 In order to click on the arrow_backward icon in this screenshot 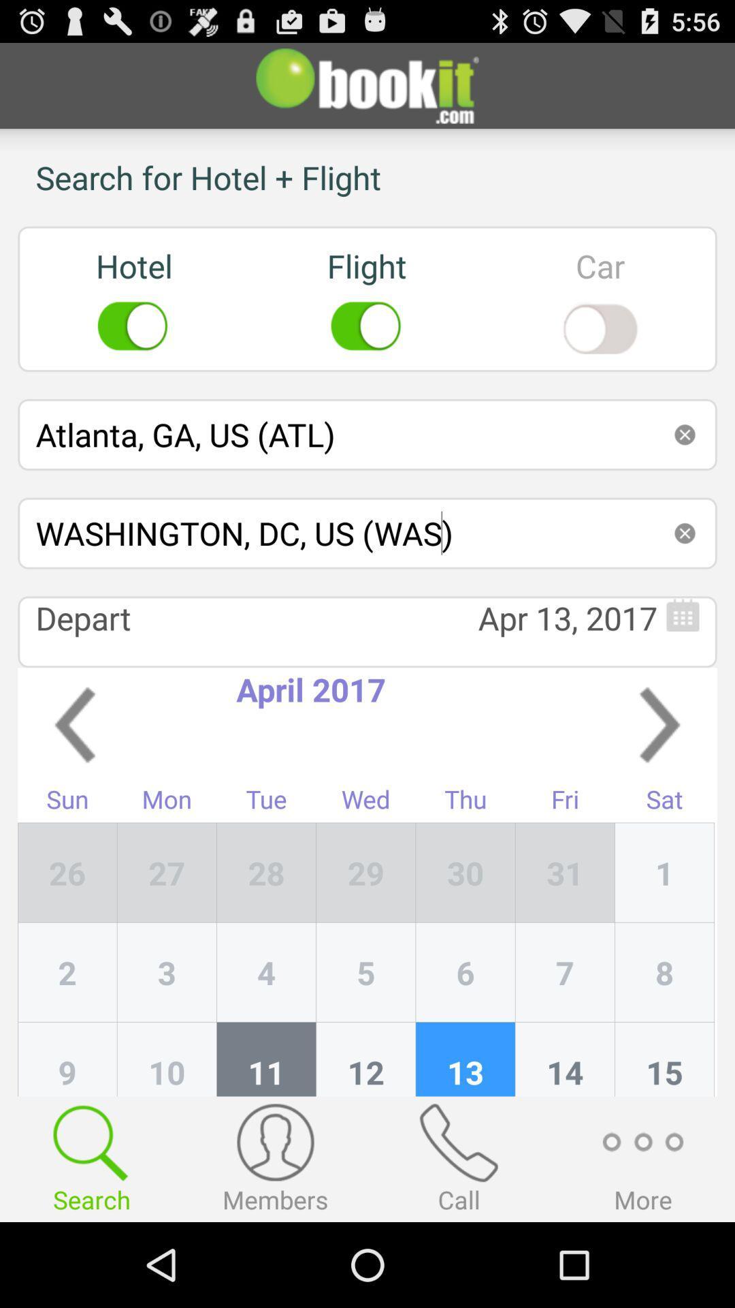, I will do `click(75, 775)`.